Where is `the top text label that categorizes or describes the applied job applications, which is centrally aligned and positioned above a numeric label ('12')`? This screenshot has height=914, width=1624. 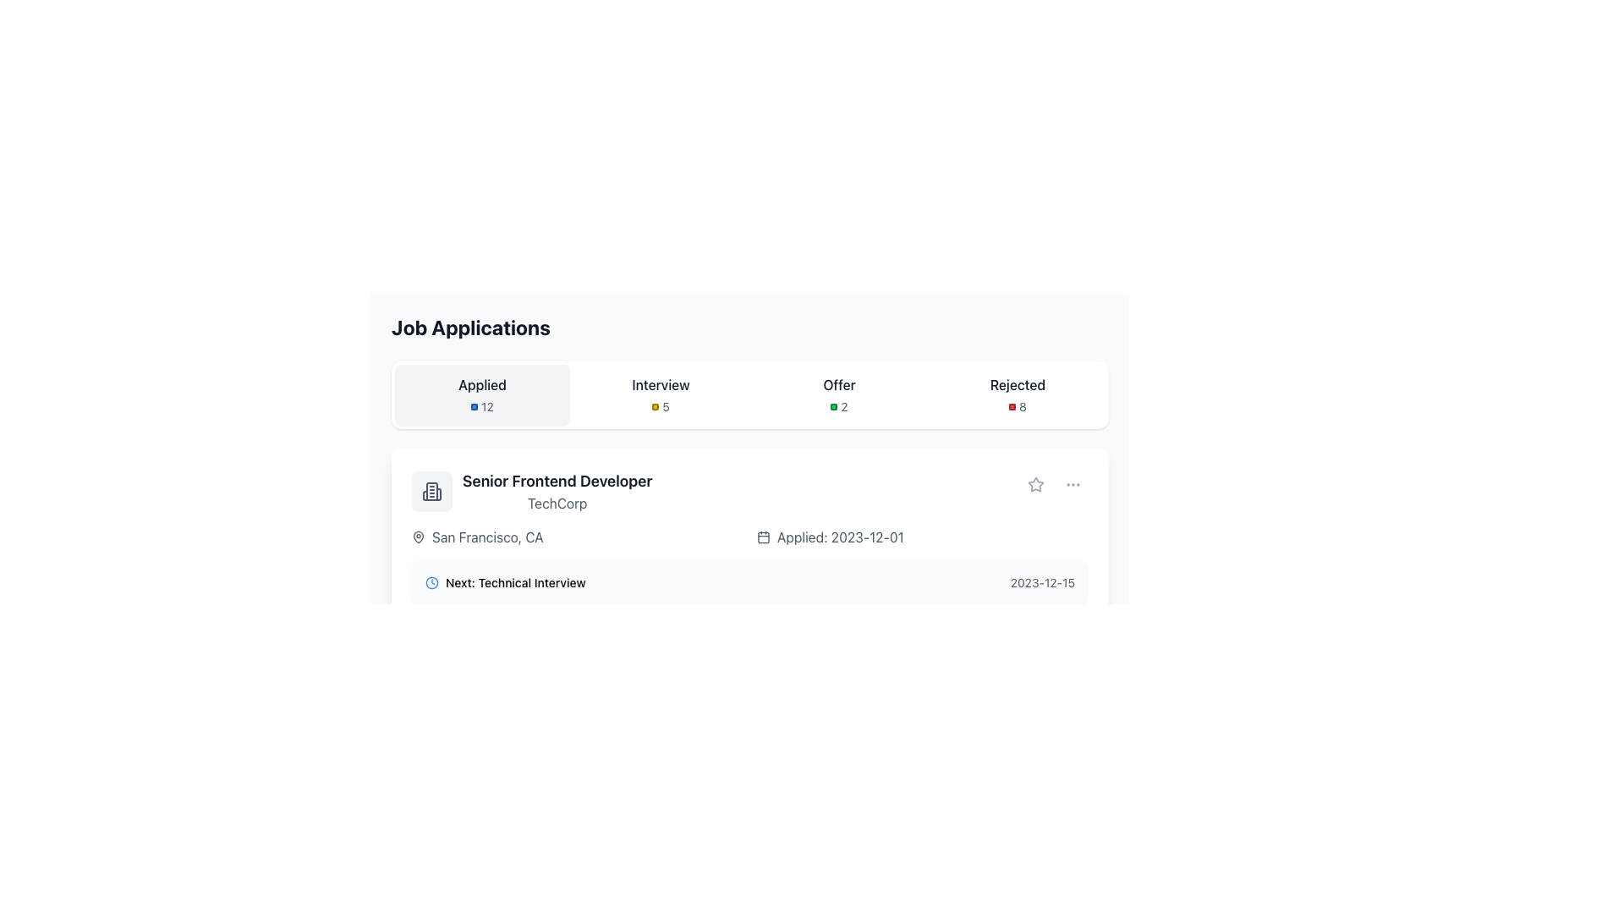
the top text label that categorizes or describes the applied job applications, which is centrally aligned and positioned above a numeric label ('12') is located at coordinates (481, 385).